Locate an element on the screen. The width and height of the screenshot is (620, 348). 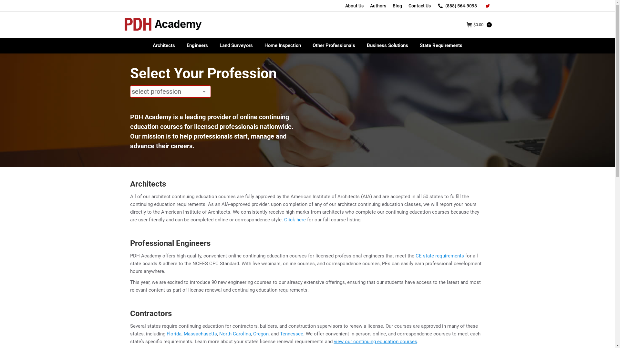
'State Requirements' is located at coordinates (441, 45).